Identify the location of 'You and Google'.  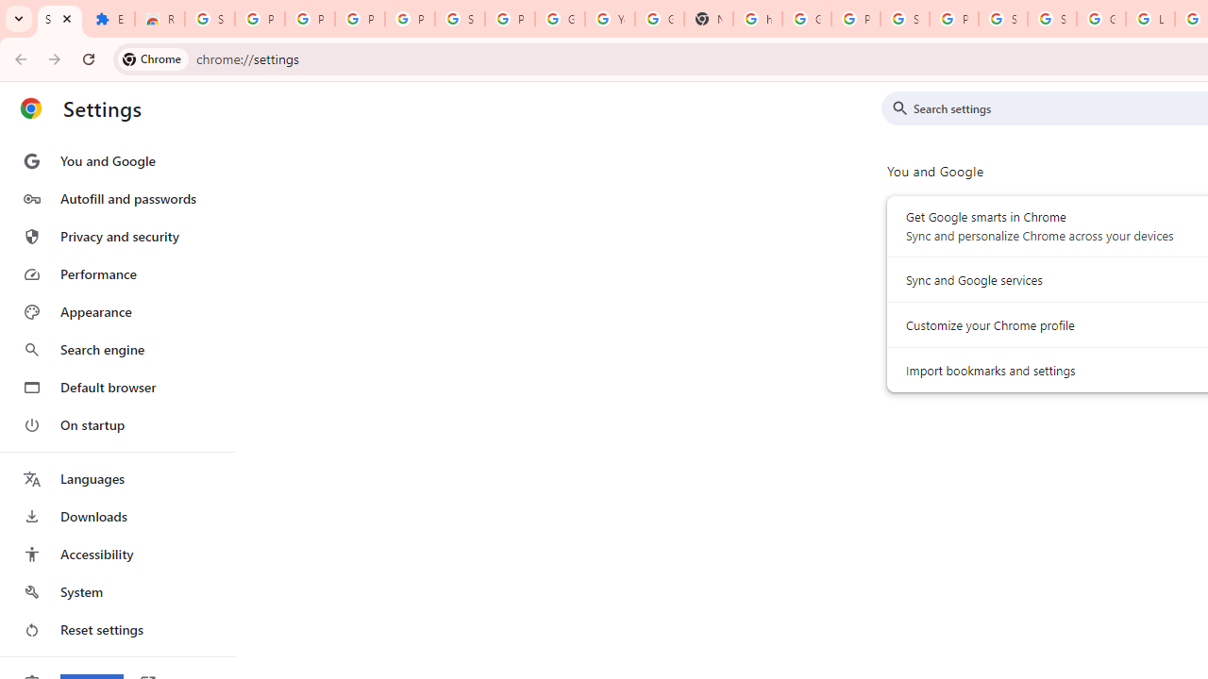
(116, 160).